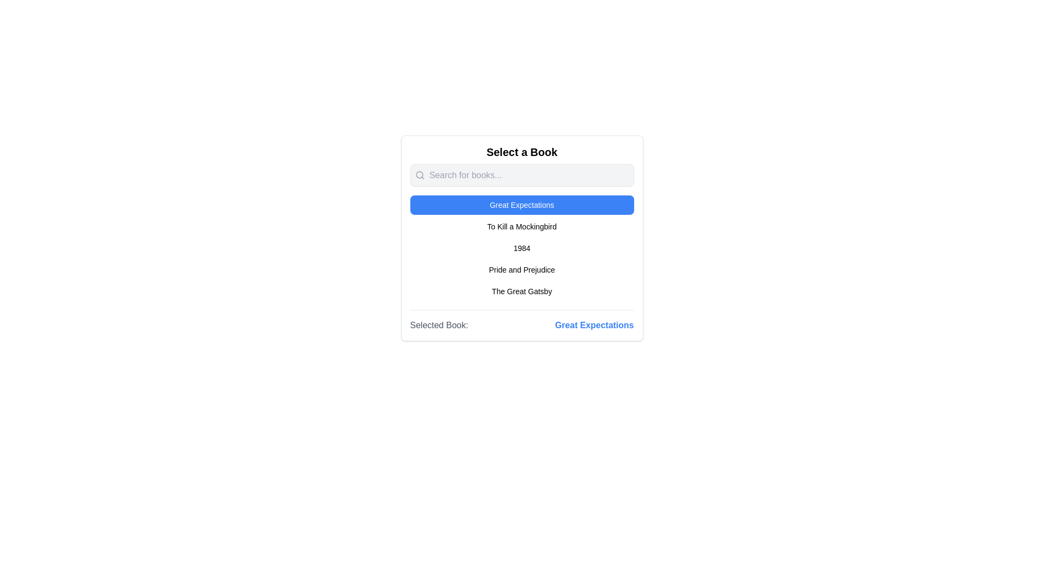  What do you see at coordinates (522, 174) in the screenshot?
I see `the search bar input field below the title 'Select a Book' to focus it` at bounding box center [522, 174].